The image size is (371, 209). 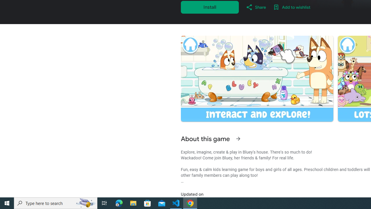 What do you see at coordinates (292, 7) in the screenshot?
I see `'Add to wishlist'` at bounding box center [292, 7].